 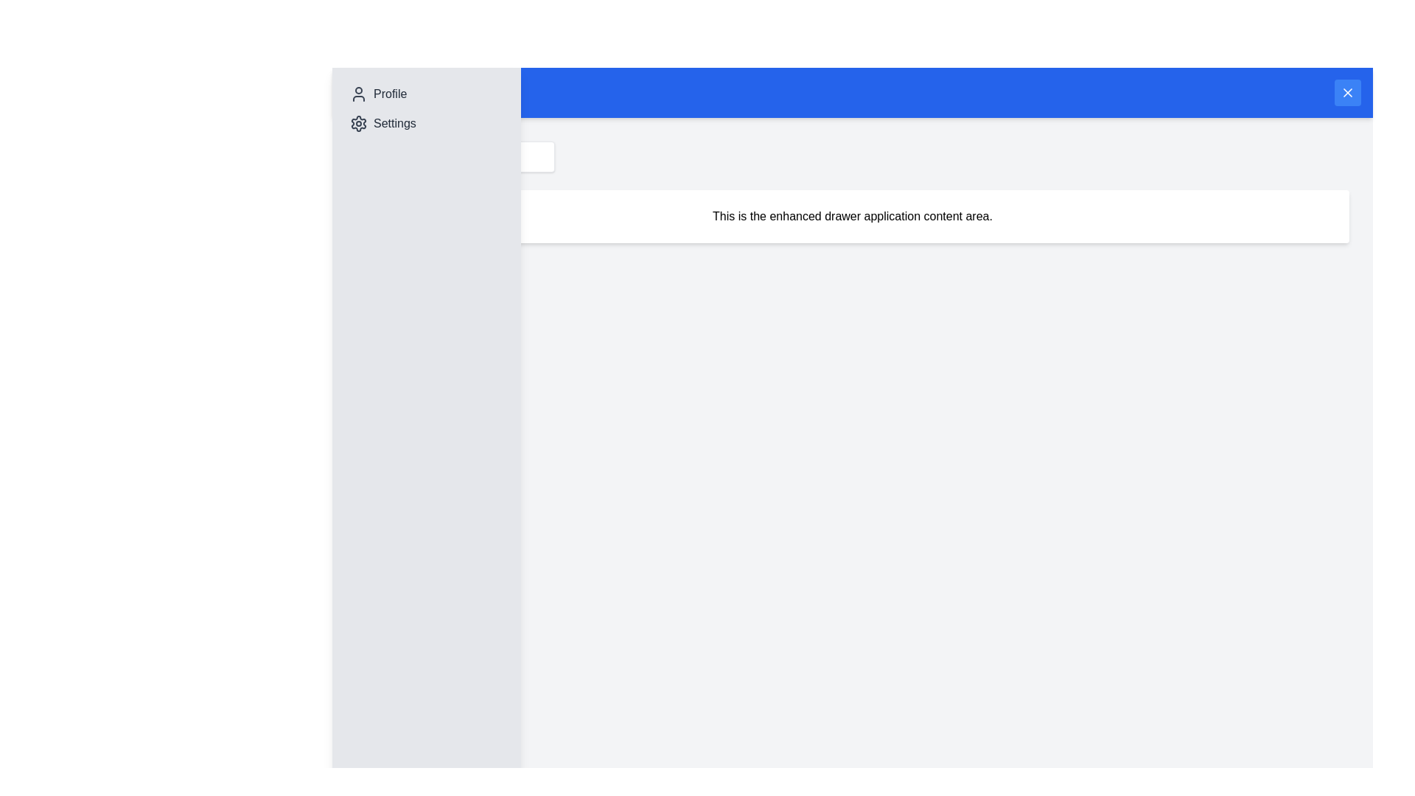 I want to click on the user silhouette icon in the upper-left corner of the interface, so click(x=358, y=94).